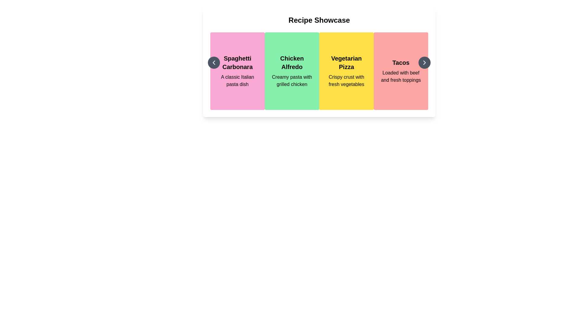  What do you see at coordinates (424, 63) in the screenshot?
I see `the right-facing chevron icon within the circular dark-gray button` at bounding box center [424, 63].